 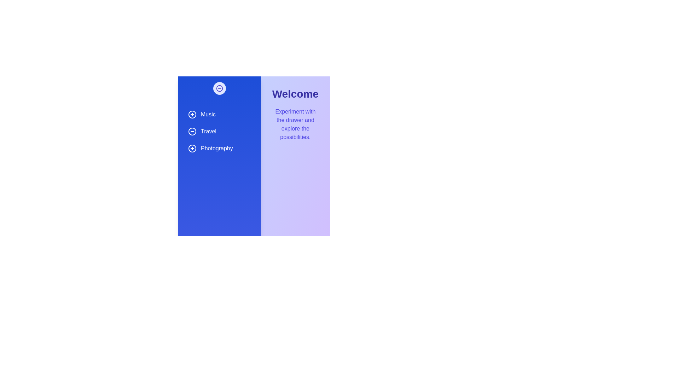 I want to click on the icon corresponding to Photography in the drawer, so click(x=192, y=148).